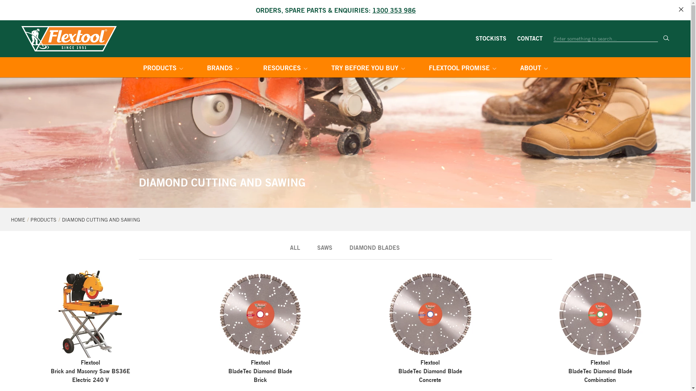 Image resolution: width=696 pixels, height=391 pixels. I want to click on 'Flextool', so click(69, 39).